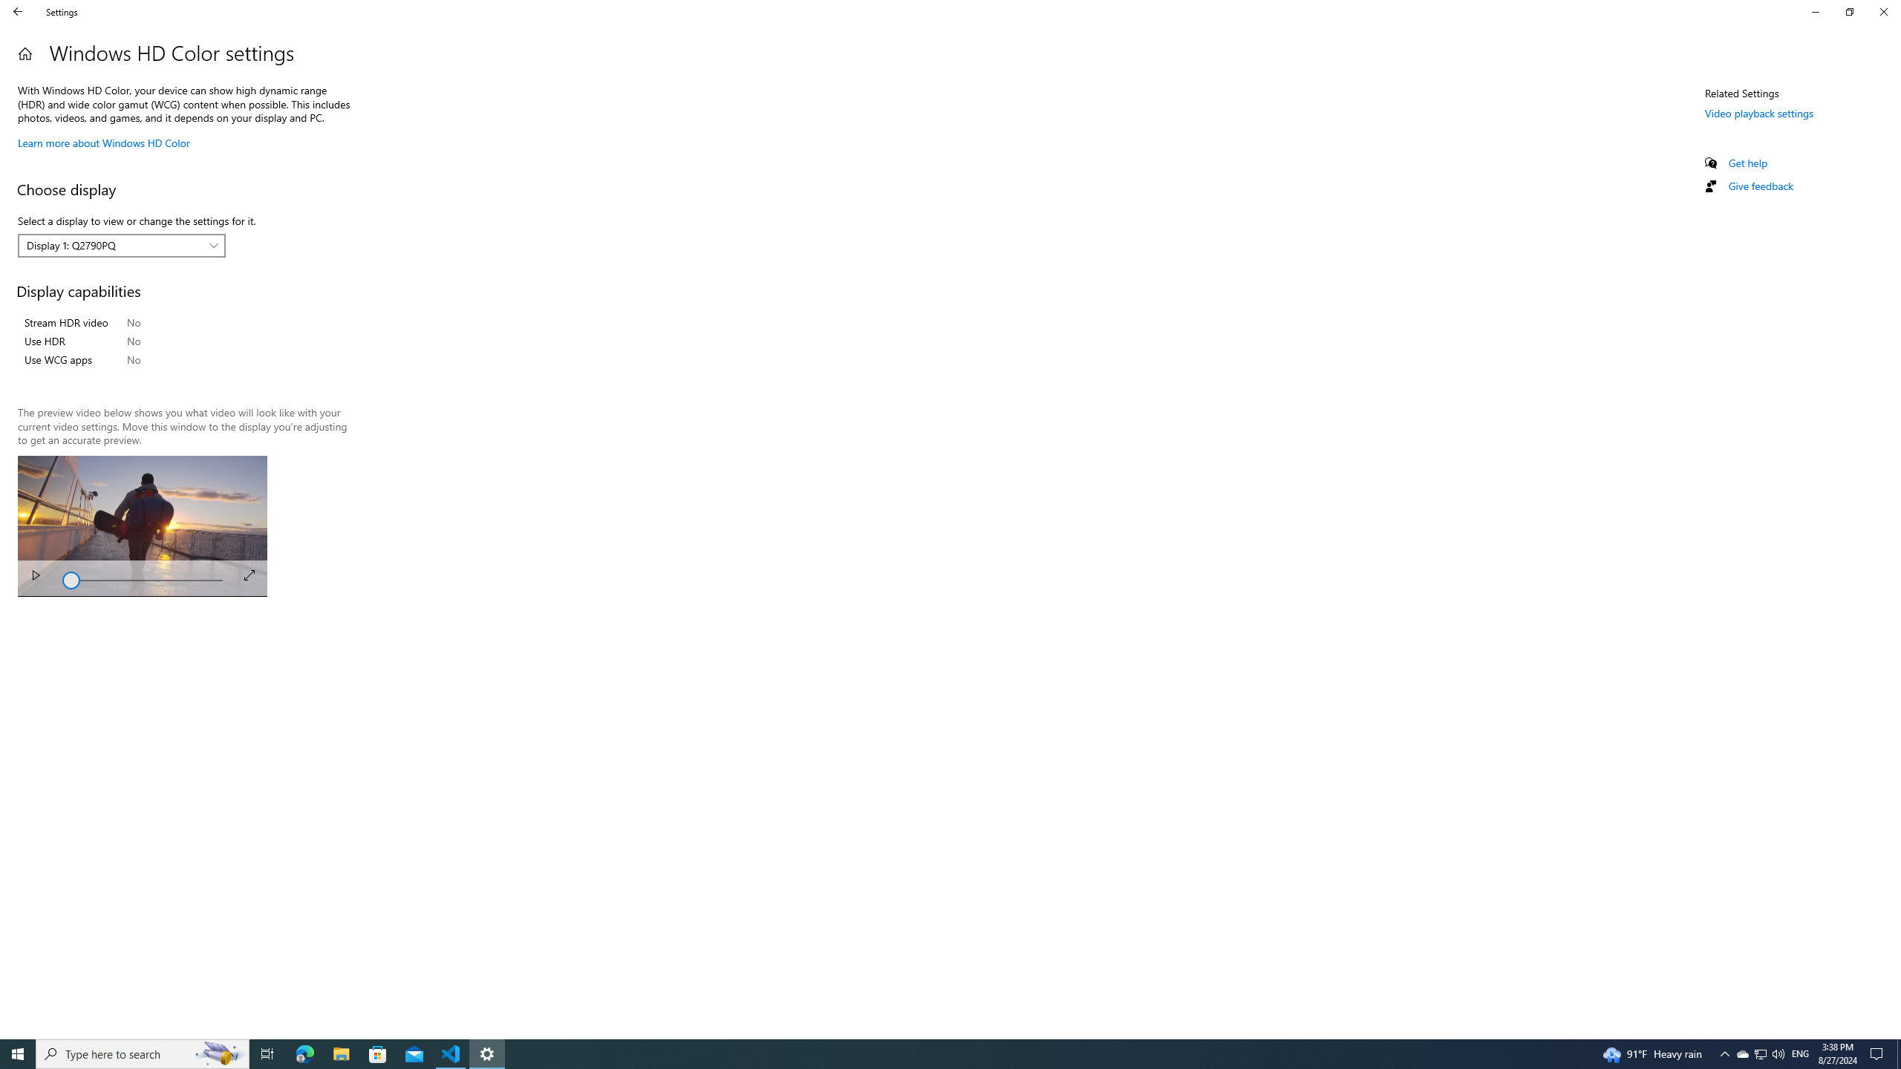  Describe the element at coordinates (1814, 11) in the screenshot. I see `'Minimize Settings'` at that location.